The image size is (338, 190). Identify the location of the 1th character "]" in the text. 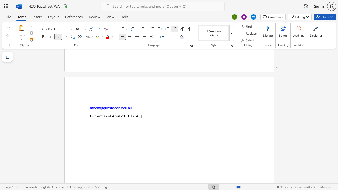
(141, 116).